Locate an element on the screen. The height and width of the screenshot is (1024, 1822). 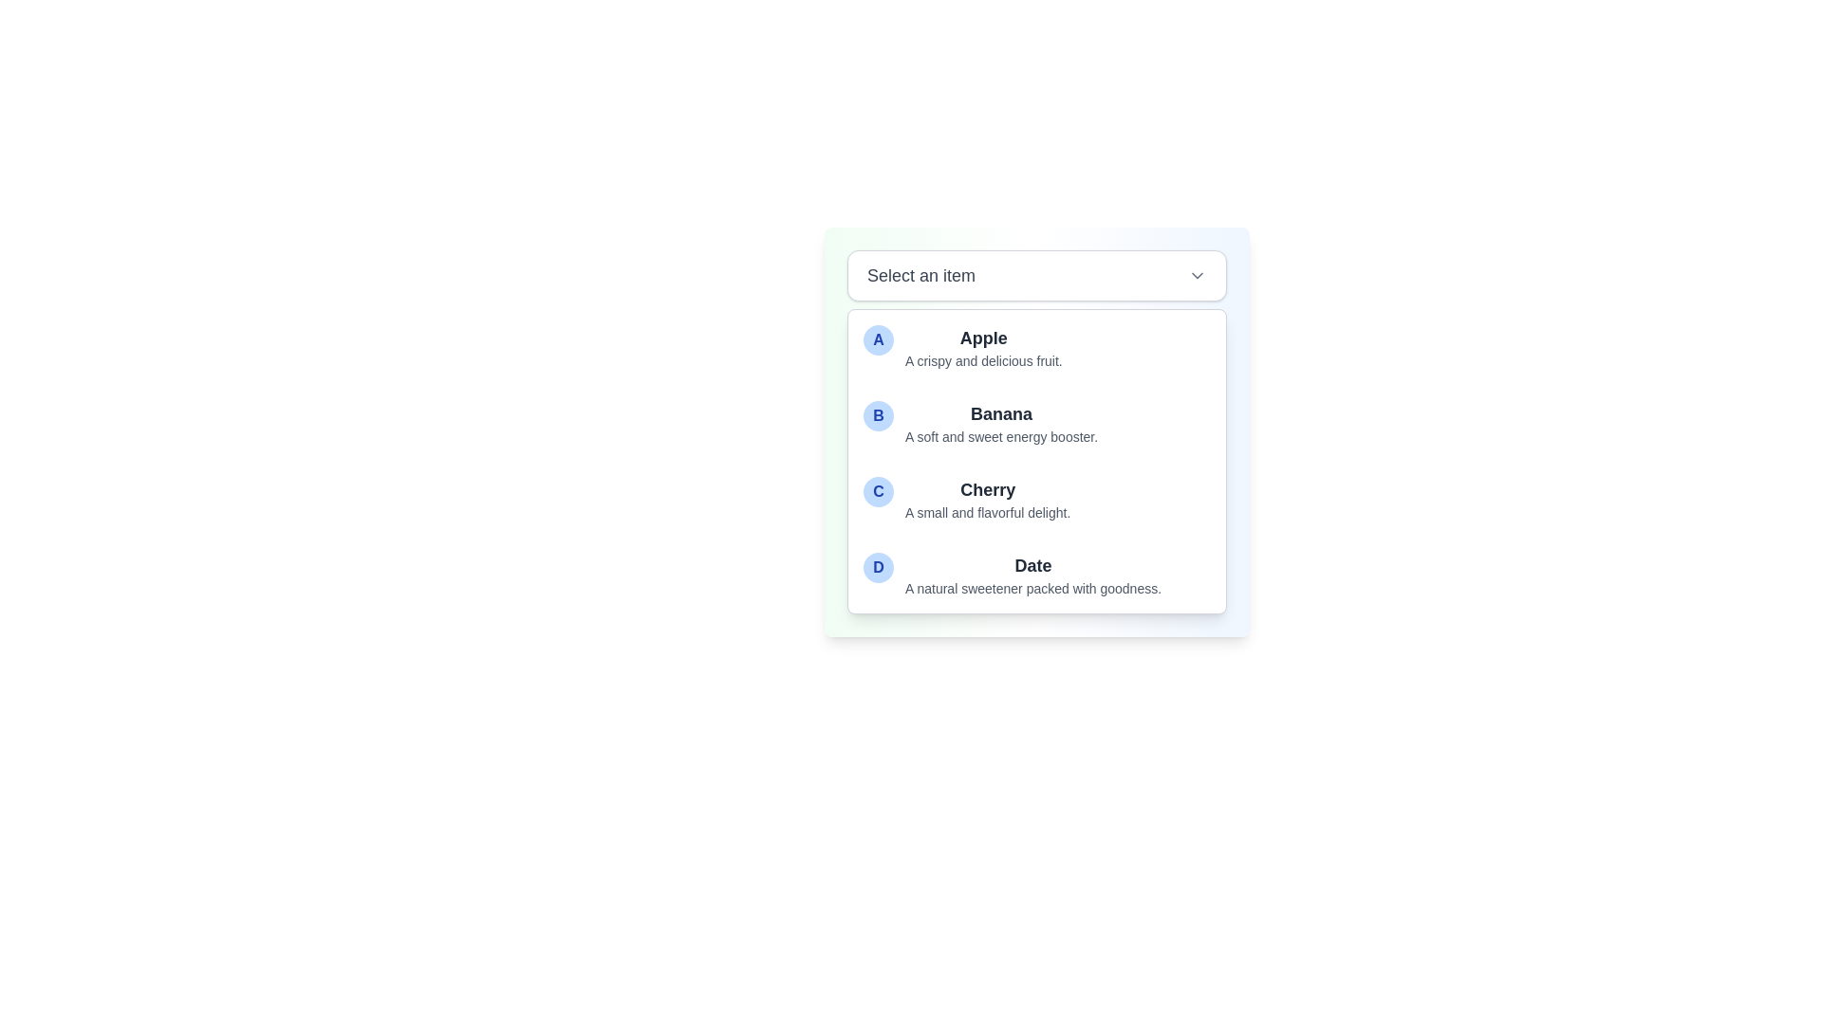
the fourth selectable list item that displays the title 'Date' and the description 'A natural sweetener packed with goodness.' is located at coordinates (1032, 574).